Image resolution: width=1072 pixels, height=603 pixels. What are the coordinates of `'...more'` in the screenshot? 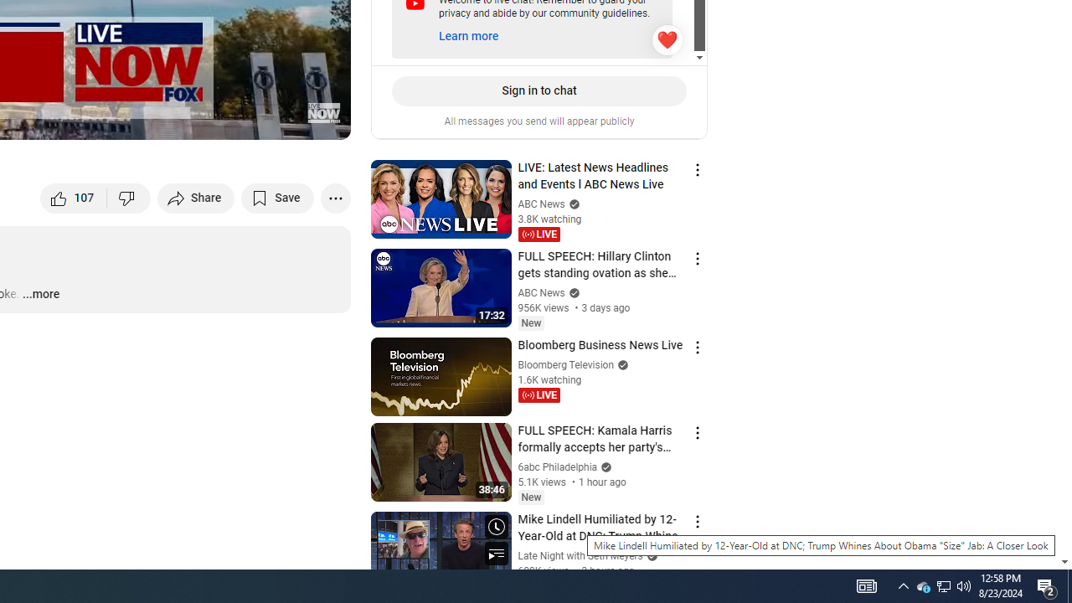 It's located at (40, 294).